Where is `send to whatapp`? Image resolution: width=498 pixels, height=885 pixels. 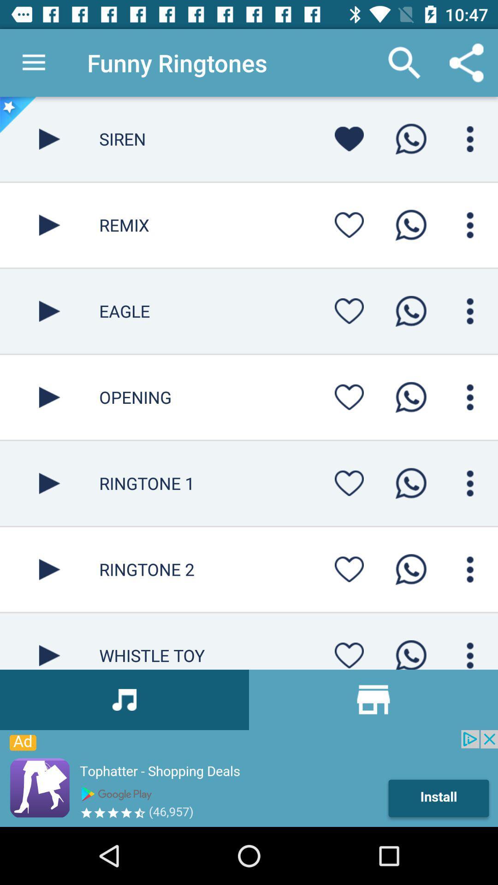
send to whatapp is located at coordinates (410, 483).